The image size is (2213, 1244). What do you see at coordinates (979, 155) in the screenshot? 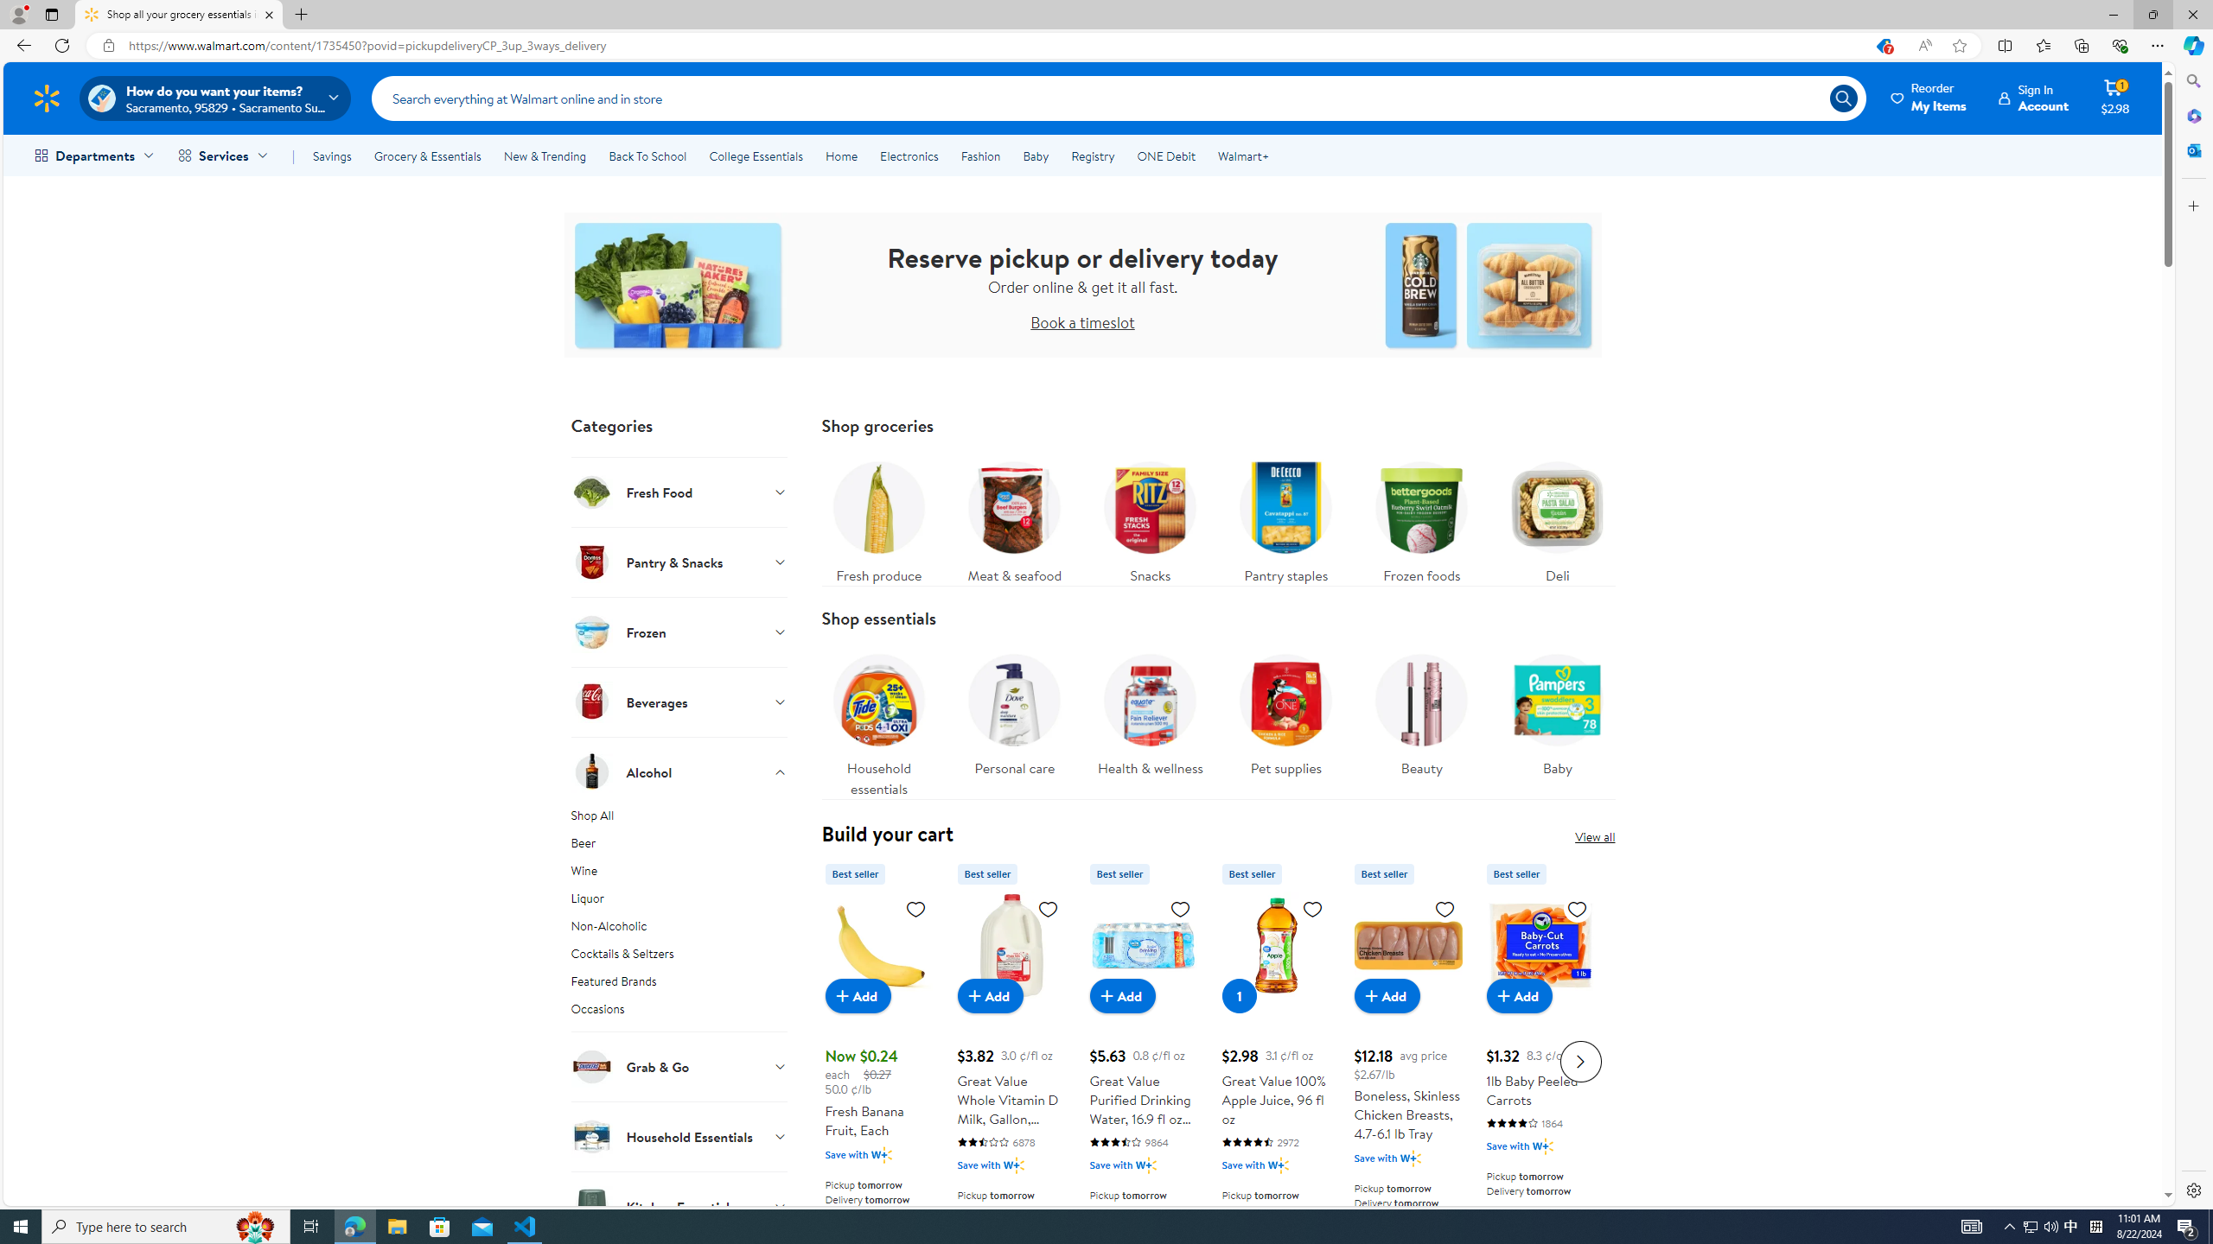
I see `'Fashion'` at bounding box center [979, 155].